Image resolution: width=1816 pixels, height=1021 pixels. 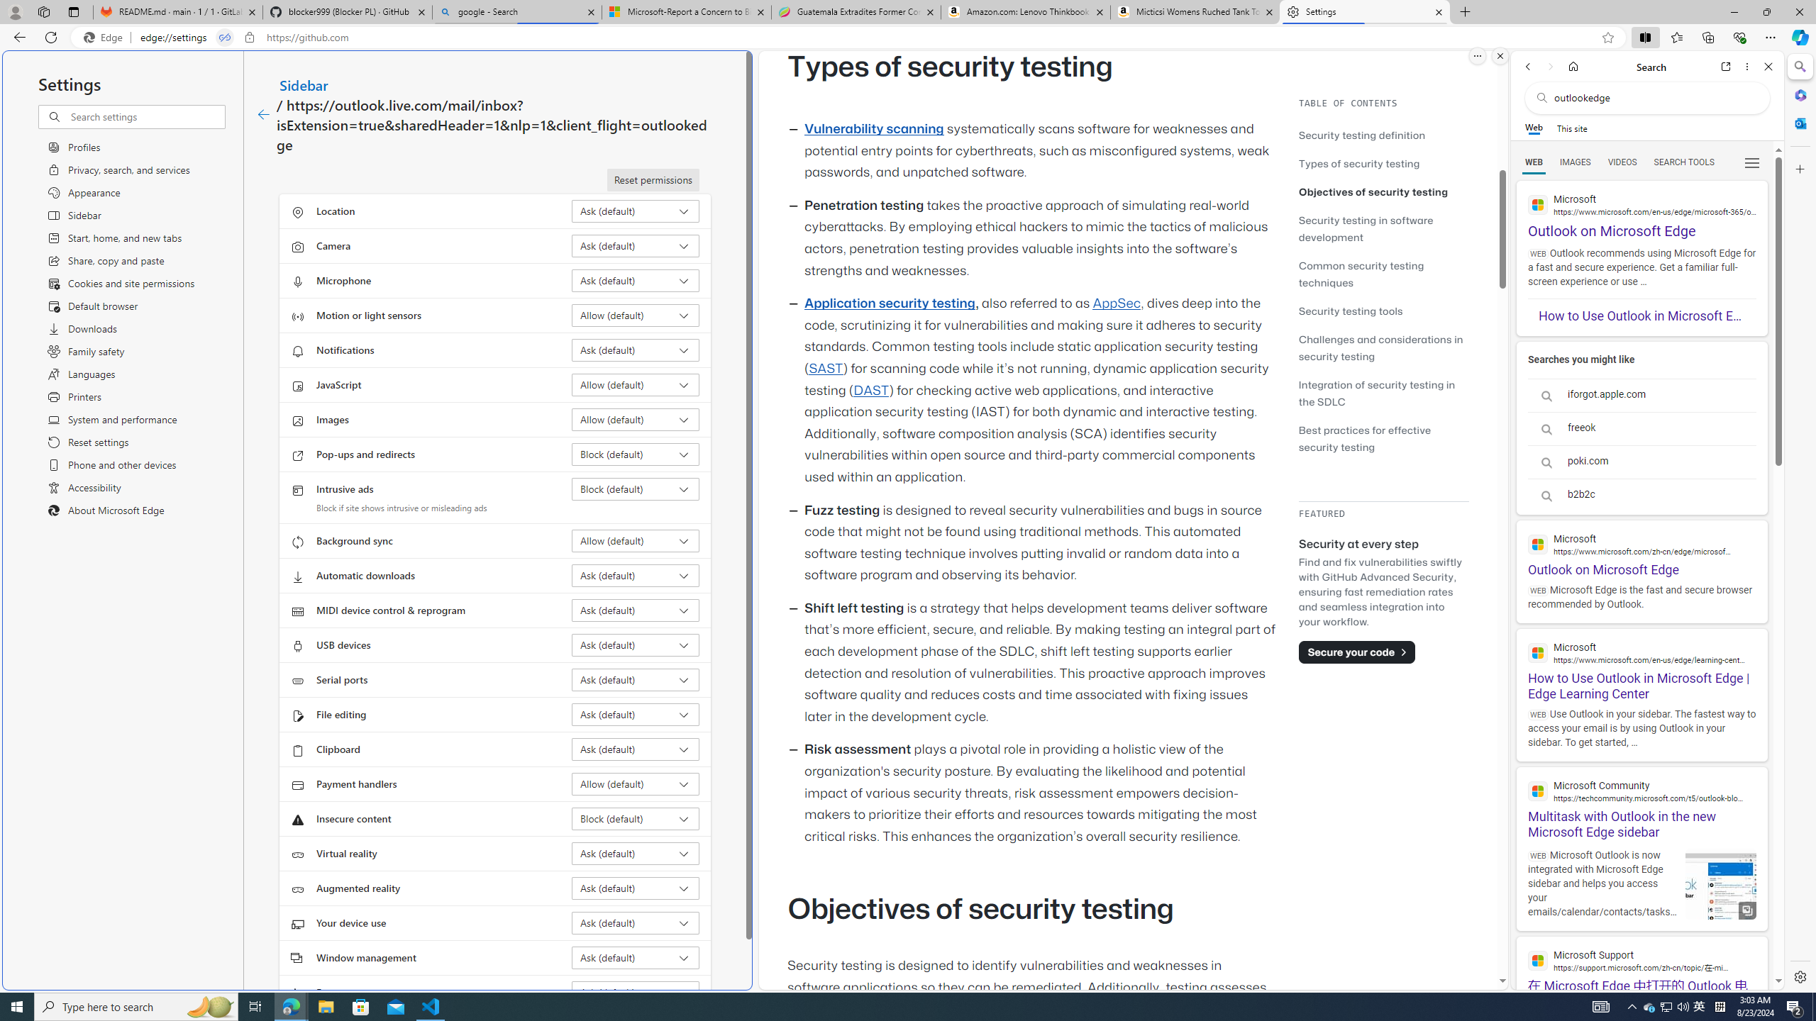 I want to click on 'poki.com', so click(x=1641, y=462).